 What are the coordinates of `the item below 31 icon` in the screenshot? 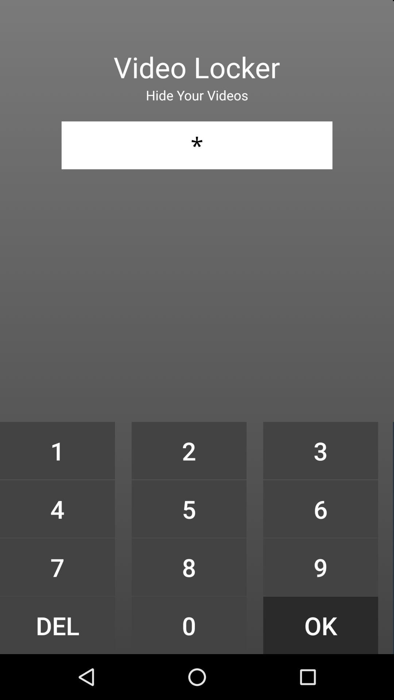 It's located at (57, 450).